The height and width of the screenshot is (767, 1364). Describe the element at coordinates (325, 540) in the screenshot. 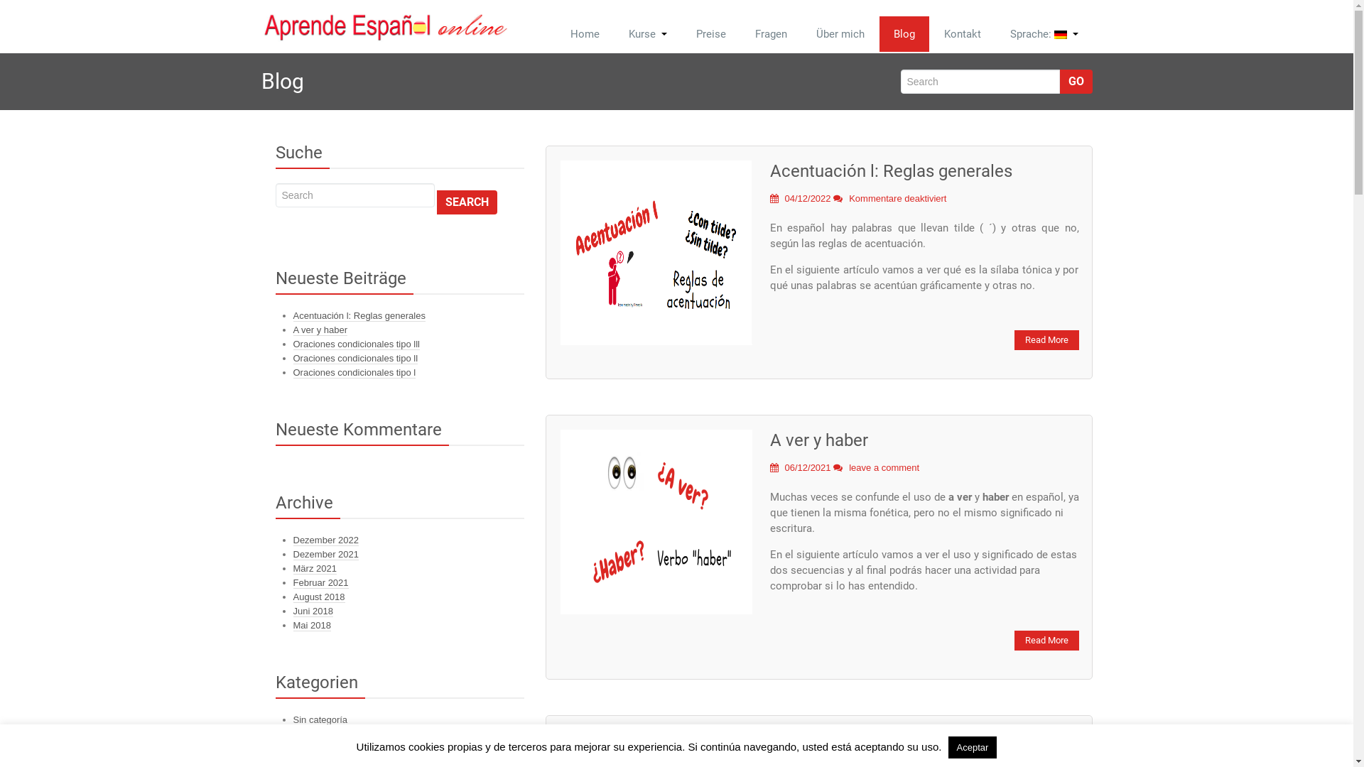

I see `'Dezember 2022'` at that location.